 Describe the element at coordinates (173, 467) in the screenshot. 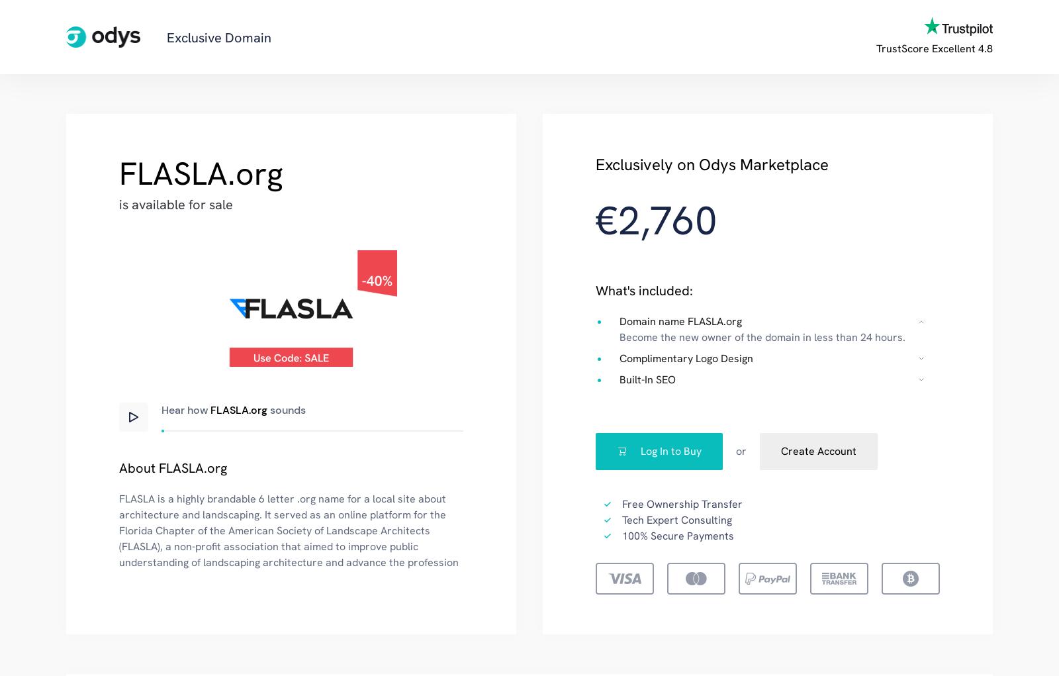

I see `'About FLASLA.org'` at that location.